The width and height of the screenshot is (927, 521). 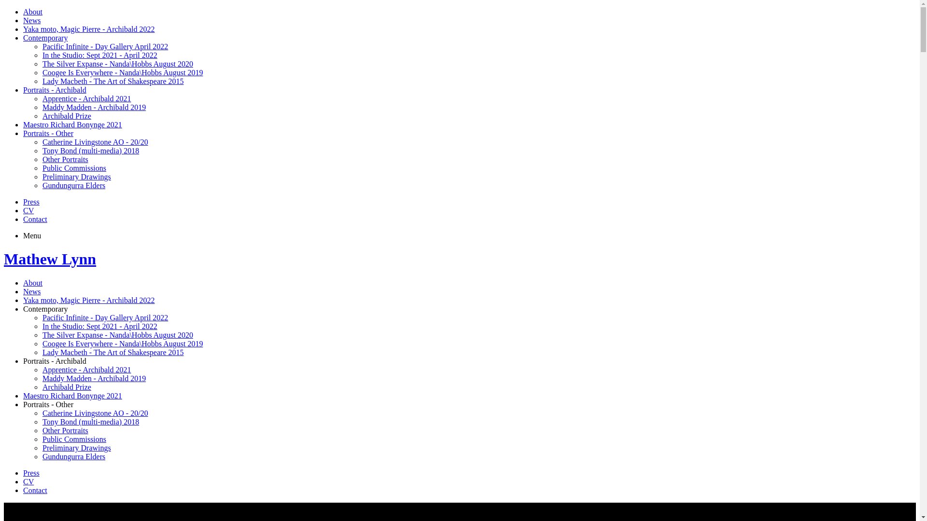 I want to click on 'Apprentice - Archibald 2021', so click(x=87, y=369).